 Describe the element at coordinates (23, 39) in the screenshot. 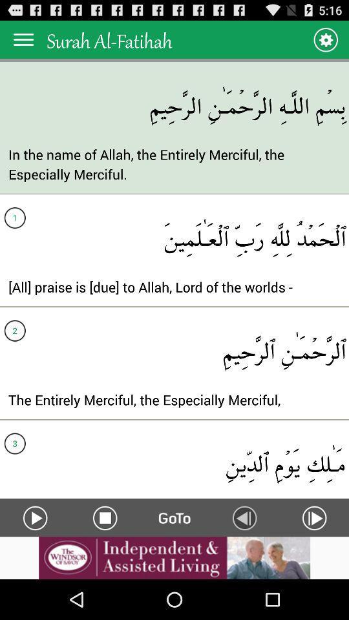

I see `menu button` at that location.